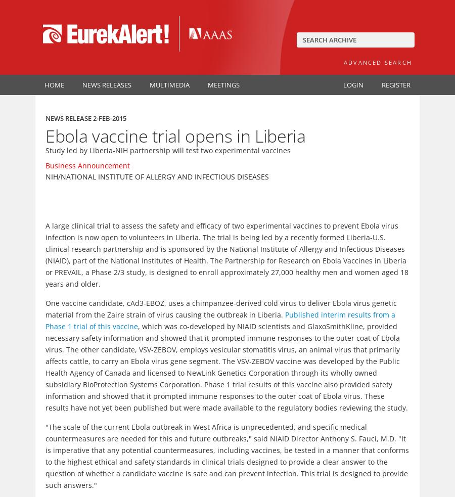  I want to click on 'Business Announcement', so click(87, 165).